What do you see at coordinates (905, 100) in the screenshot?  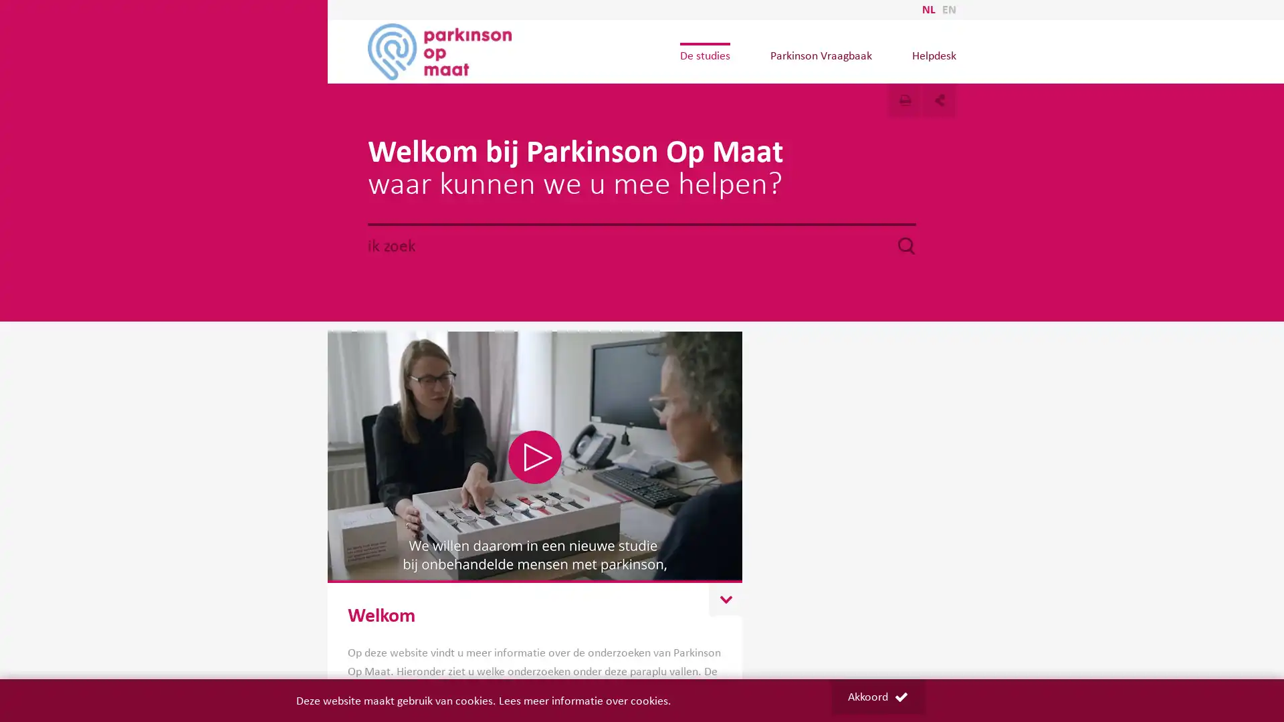 I see `X print pagina` at bounding box center [905, 100].